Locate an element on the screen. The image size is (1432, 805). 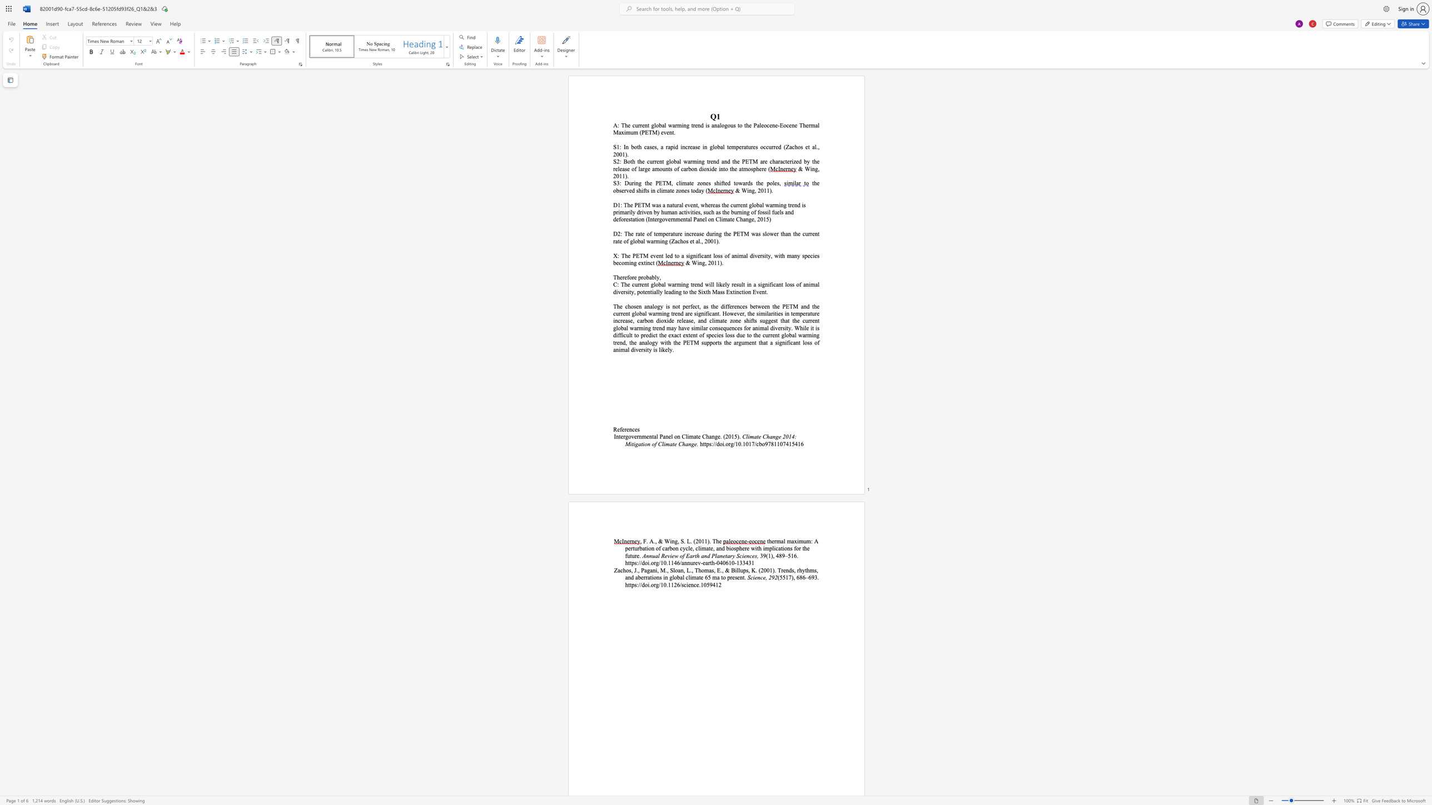
the 1th character "g" in the text is located at coordinates (652, 125).